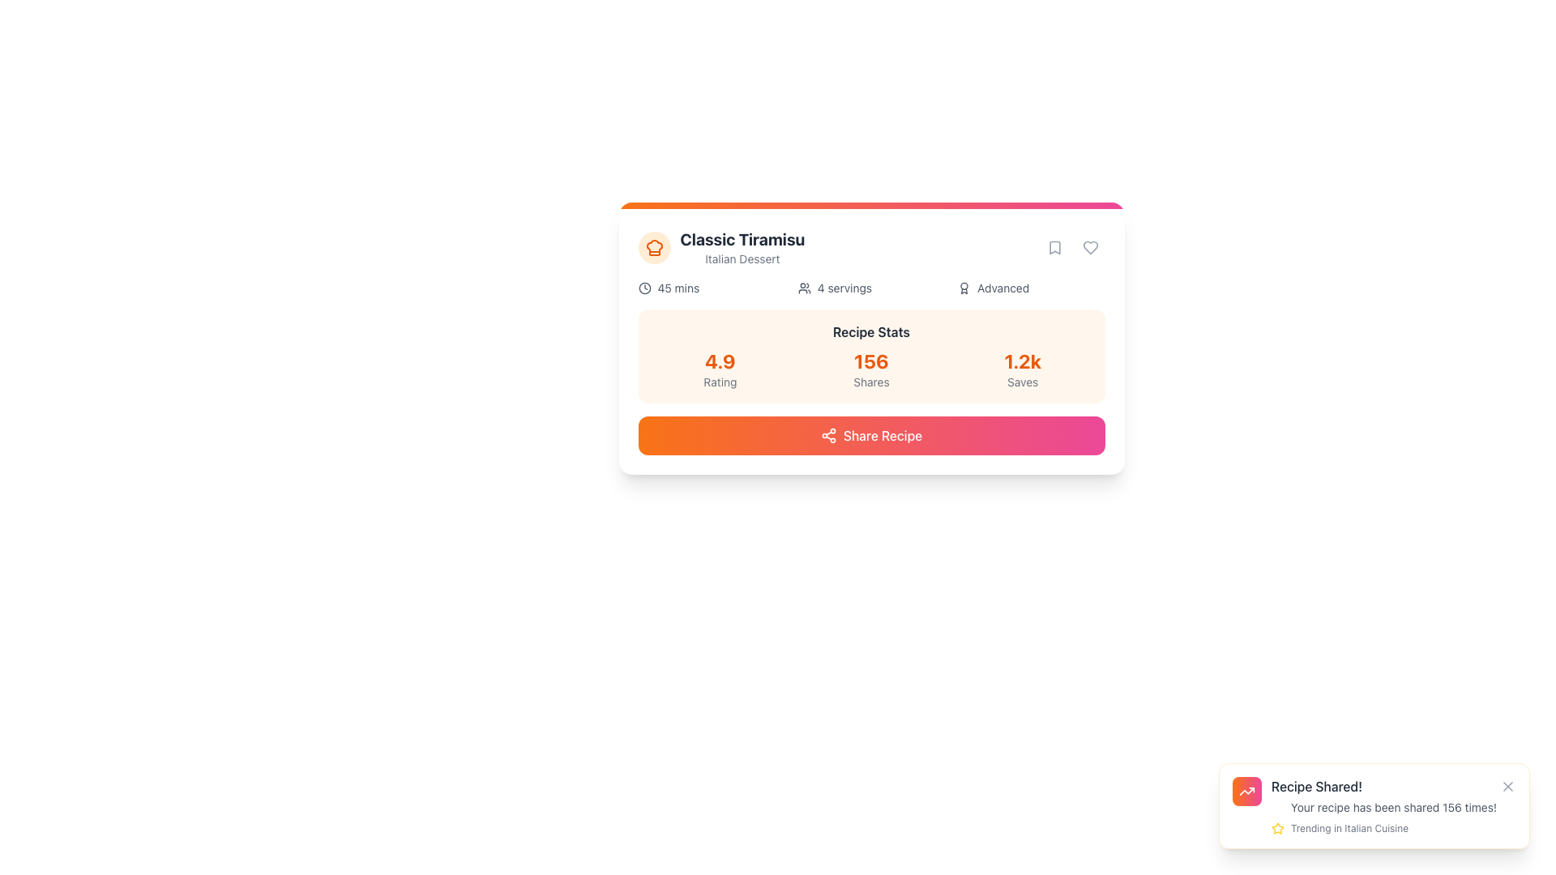 This screenshot has width=1556, height=875. Describe the element at coordinates (1022, 361) in the screenshot. I see `the value displayed in the Text Display element showing the number of saves for the recipe, located at the bottom right of the recipe card in the 'Recipe Stats' section` at that location.